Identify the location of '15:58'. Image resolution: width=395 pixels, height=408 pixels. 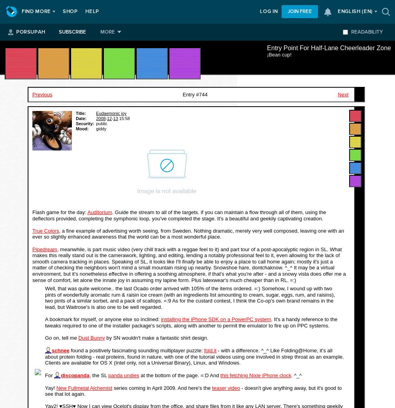
(123, 118).